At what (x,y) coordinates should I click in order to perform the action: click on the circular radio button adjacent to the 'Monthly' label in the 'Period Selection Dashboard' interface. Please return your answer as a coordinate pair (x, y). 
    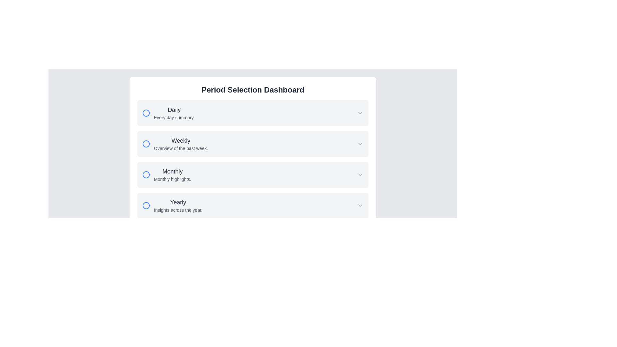
    Looking at the image, I should click on (146, 174).